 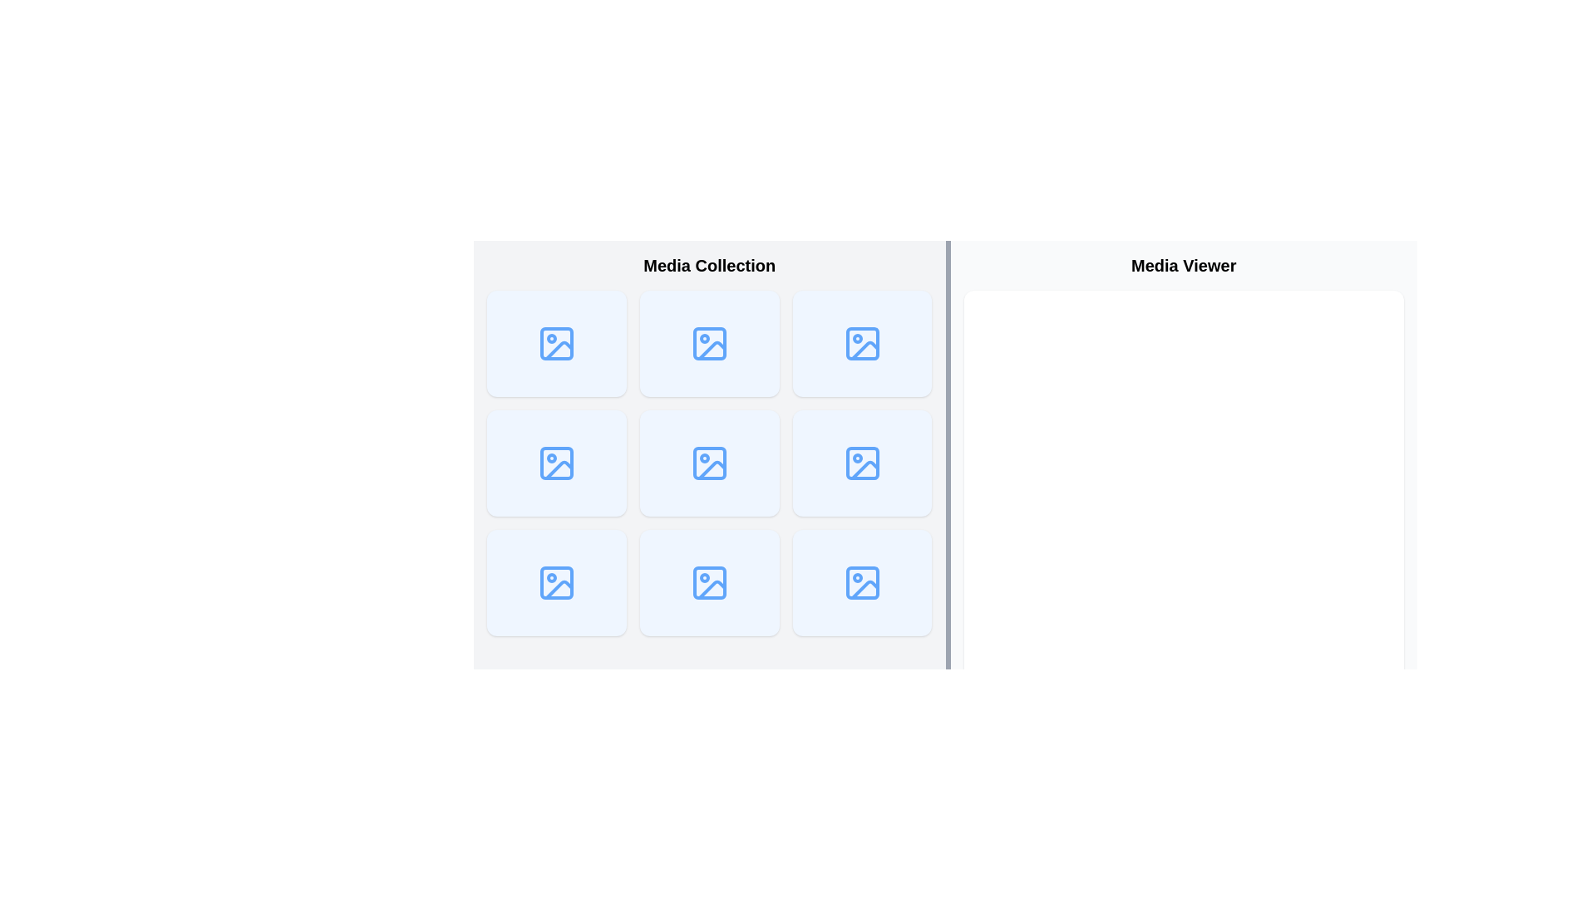 What do you see at coordinates (862, 342) in the screenshot?
I see `the ninth card in the 3x3 grid layout under the 'Media Collection' heading, which serves as a placeholder for image or media content` at bounding box center [862, 342].